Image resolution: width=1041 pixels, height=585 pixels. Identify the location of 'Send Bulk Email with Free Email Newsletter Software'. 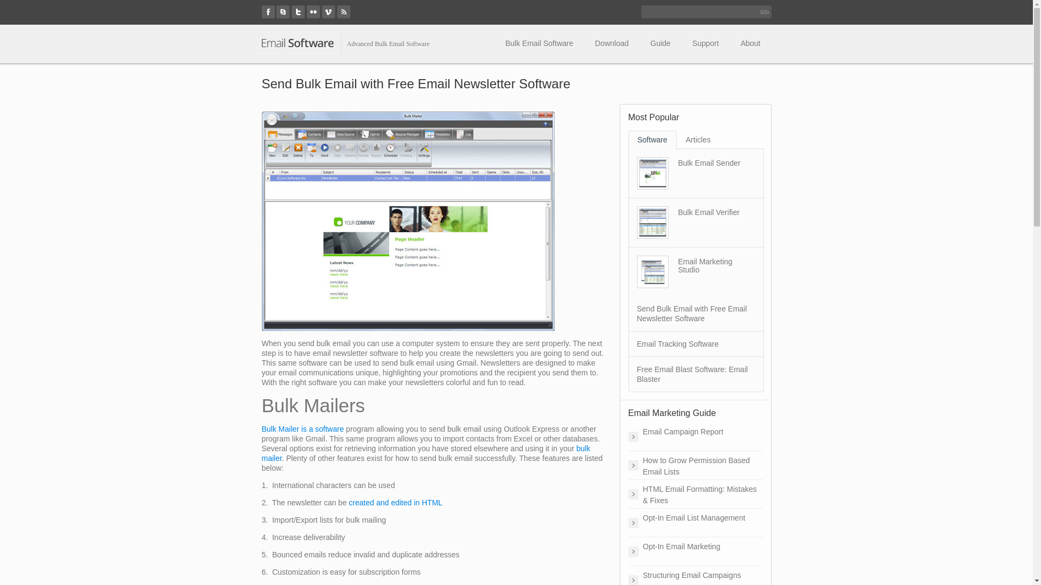
(691, 313).